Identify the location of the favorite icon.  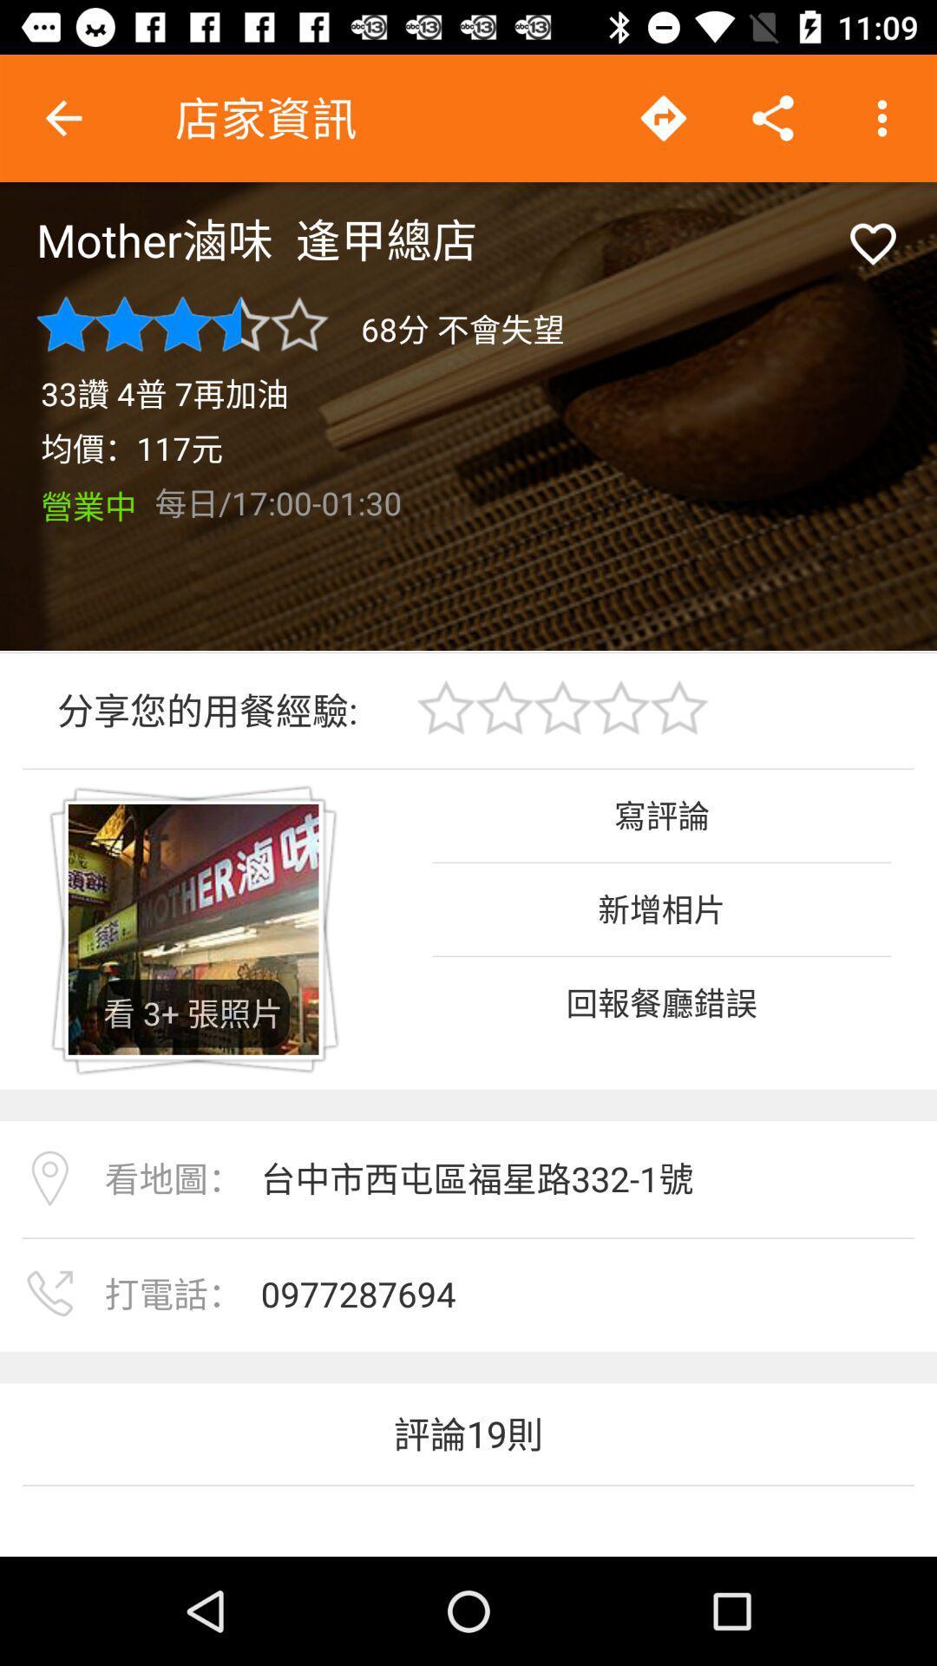
(873, 243).